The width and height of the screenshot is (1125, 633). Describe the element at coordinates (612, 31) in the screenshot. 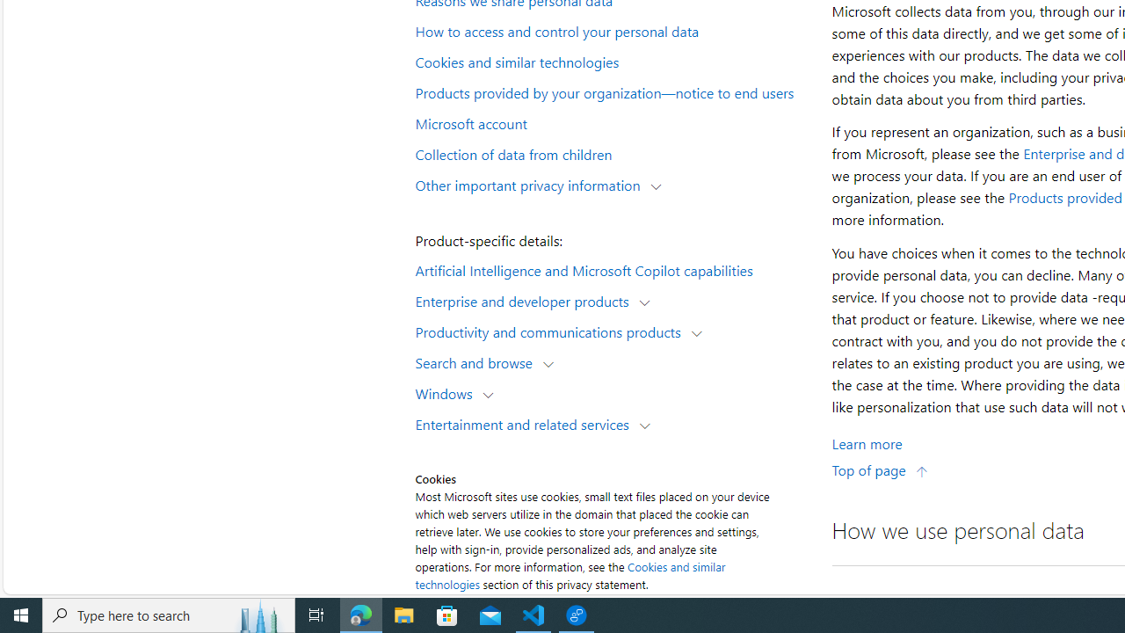

I see `'How to access and control your personal data'` at that location.